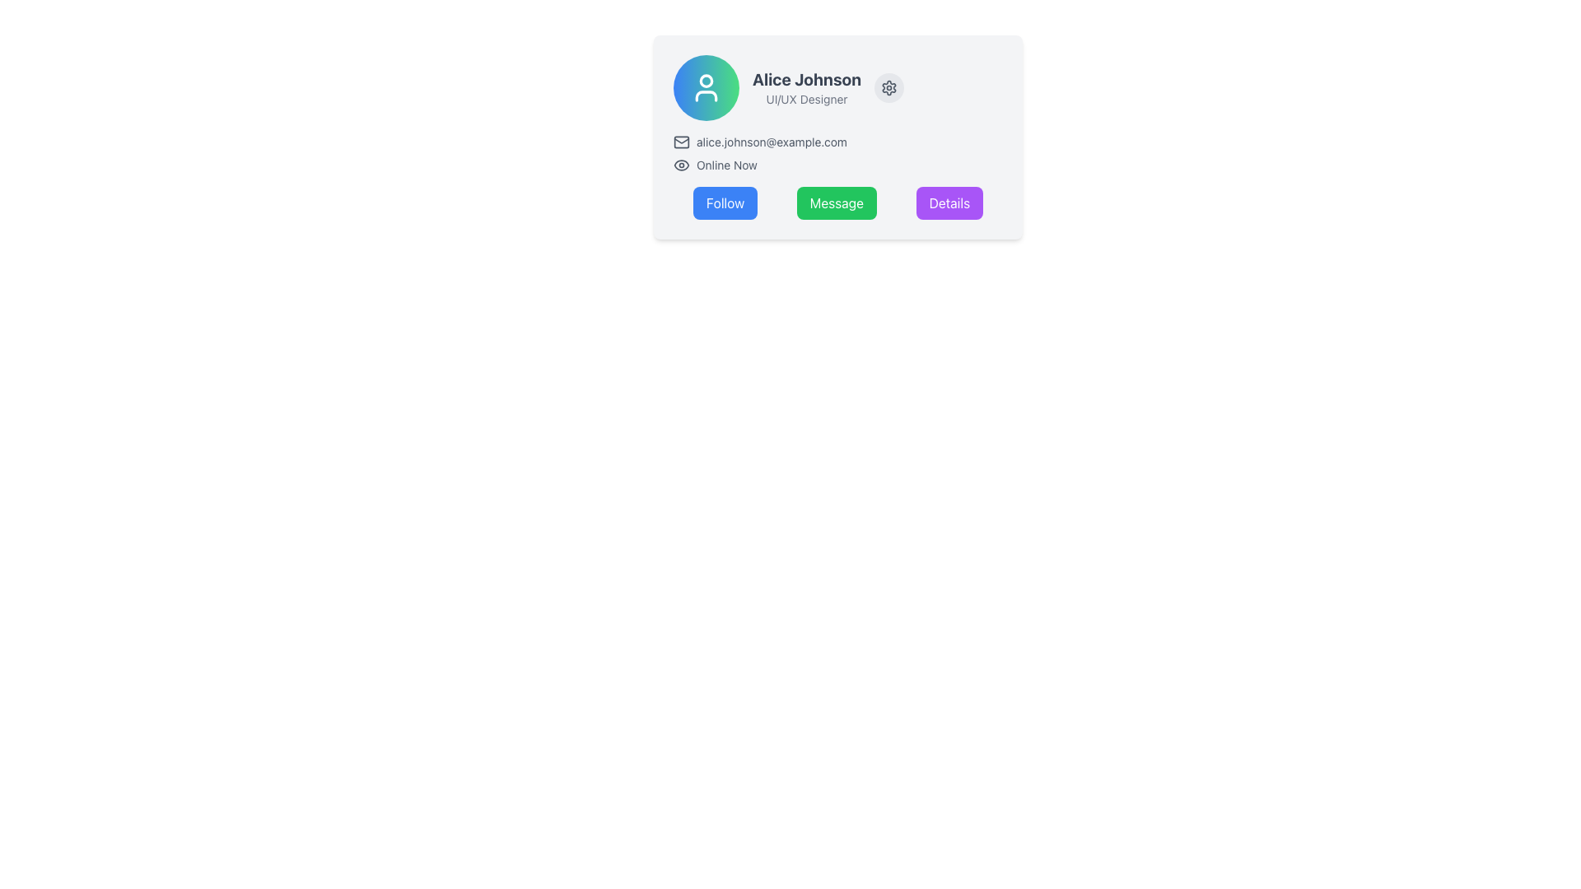 This screenshot has height=889, width=1581. I want to click on the modern gray mail icon, which is located to the left of 'alice.johnson@example.com', so click(682, 142).